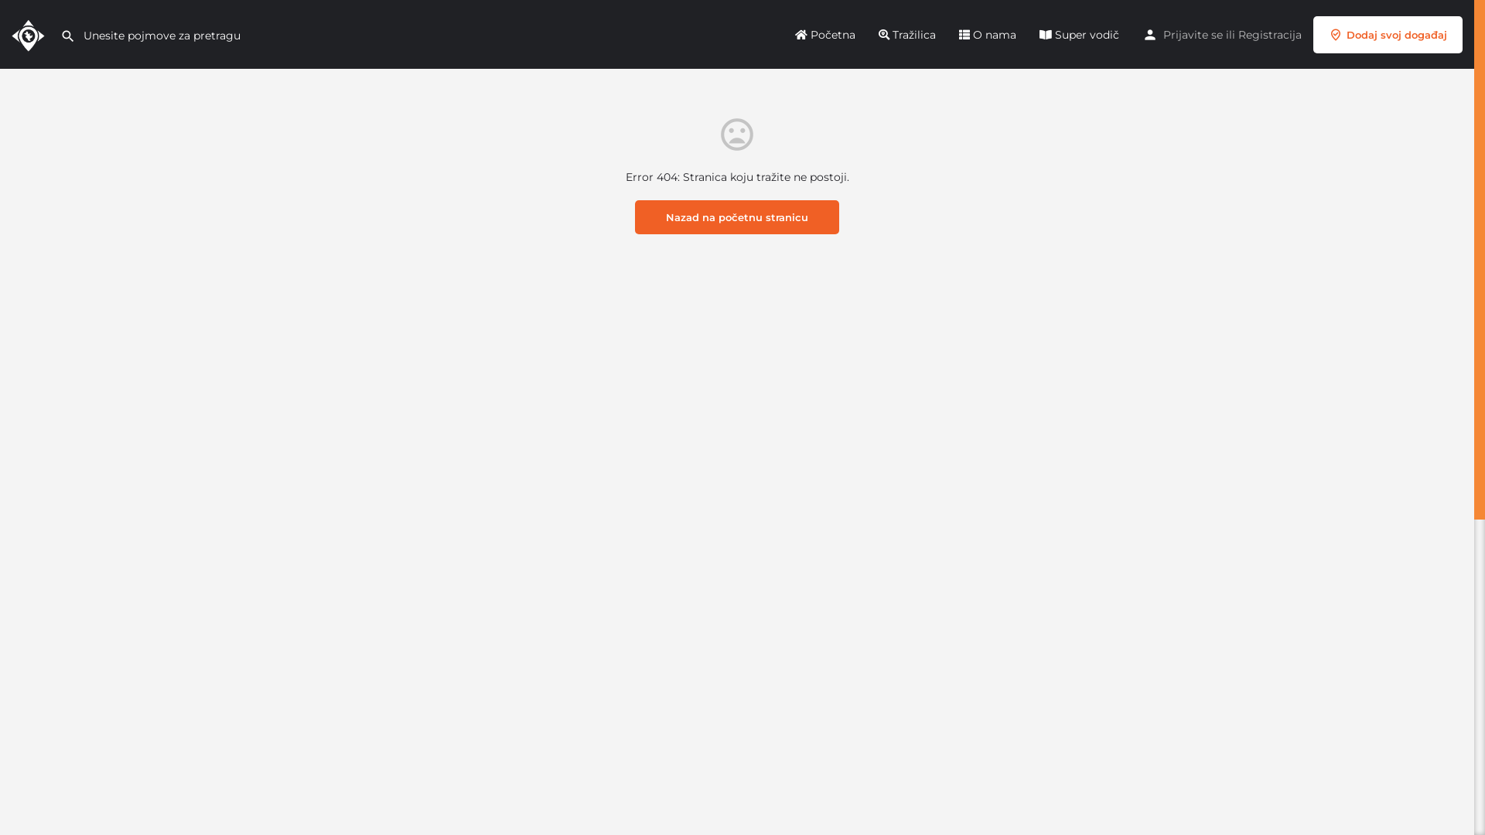  I want to click on 'Registracija', so click(1238, 33).